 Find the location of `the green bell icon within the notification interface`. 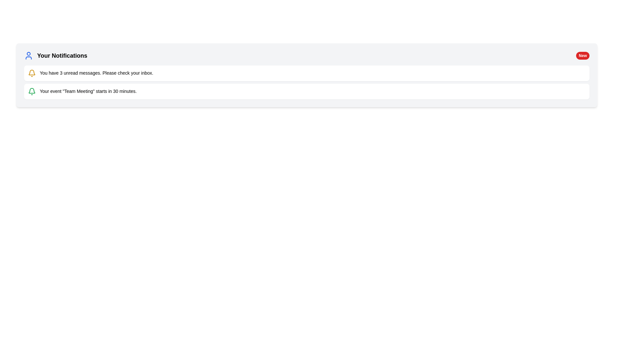

the green bell icon within the notification interface is located at coordinates (31, 90).